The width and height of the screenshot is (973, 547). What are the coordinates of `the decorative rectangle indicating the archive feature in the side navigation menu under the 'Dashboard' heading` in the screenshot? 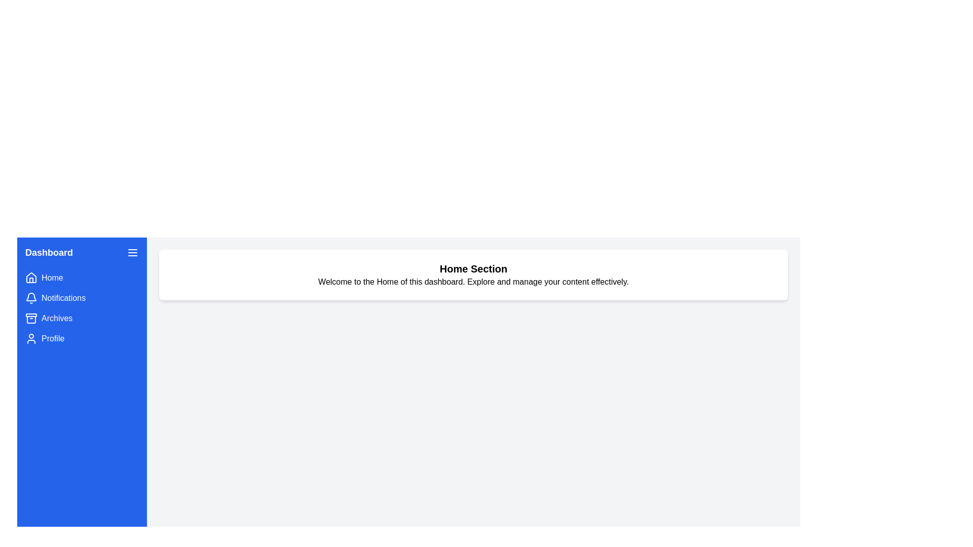 It's located at (31, 315).